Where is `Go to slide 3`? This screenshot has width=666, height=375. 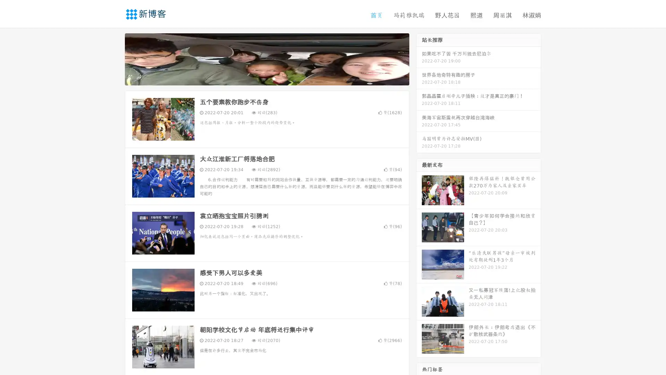 Go to slide 3 is located at coordinates (274, 78).